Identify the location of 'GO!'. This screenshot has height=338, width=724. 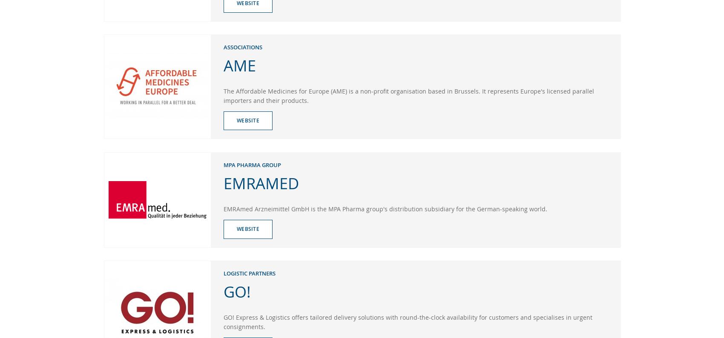
(236, 290).